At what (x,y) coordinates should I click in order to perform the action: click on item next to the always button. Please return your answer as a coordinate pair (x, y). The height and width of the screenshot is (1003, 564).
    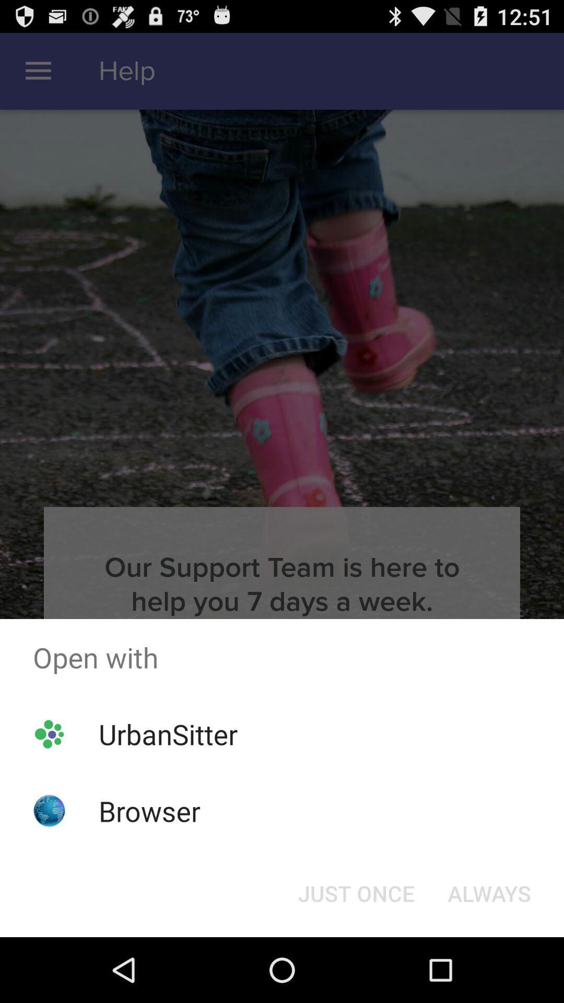
    Looking at the image, I should click on (356, 892).